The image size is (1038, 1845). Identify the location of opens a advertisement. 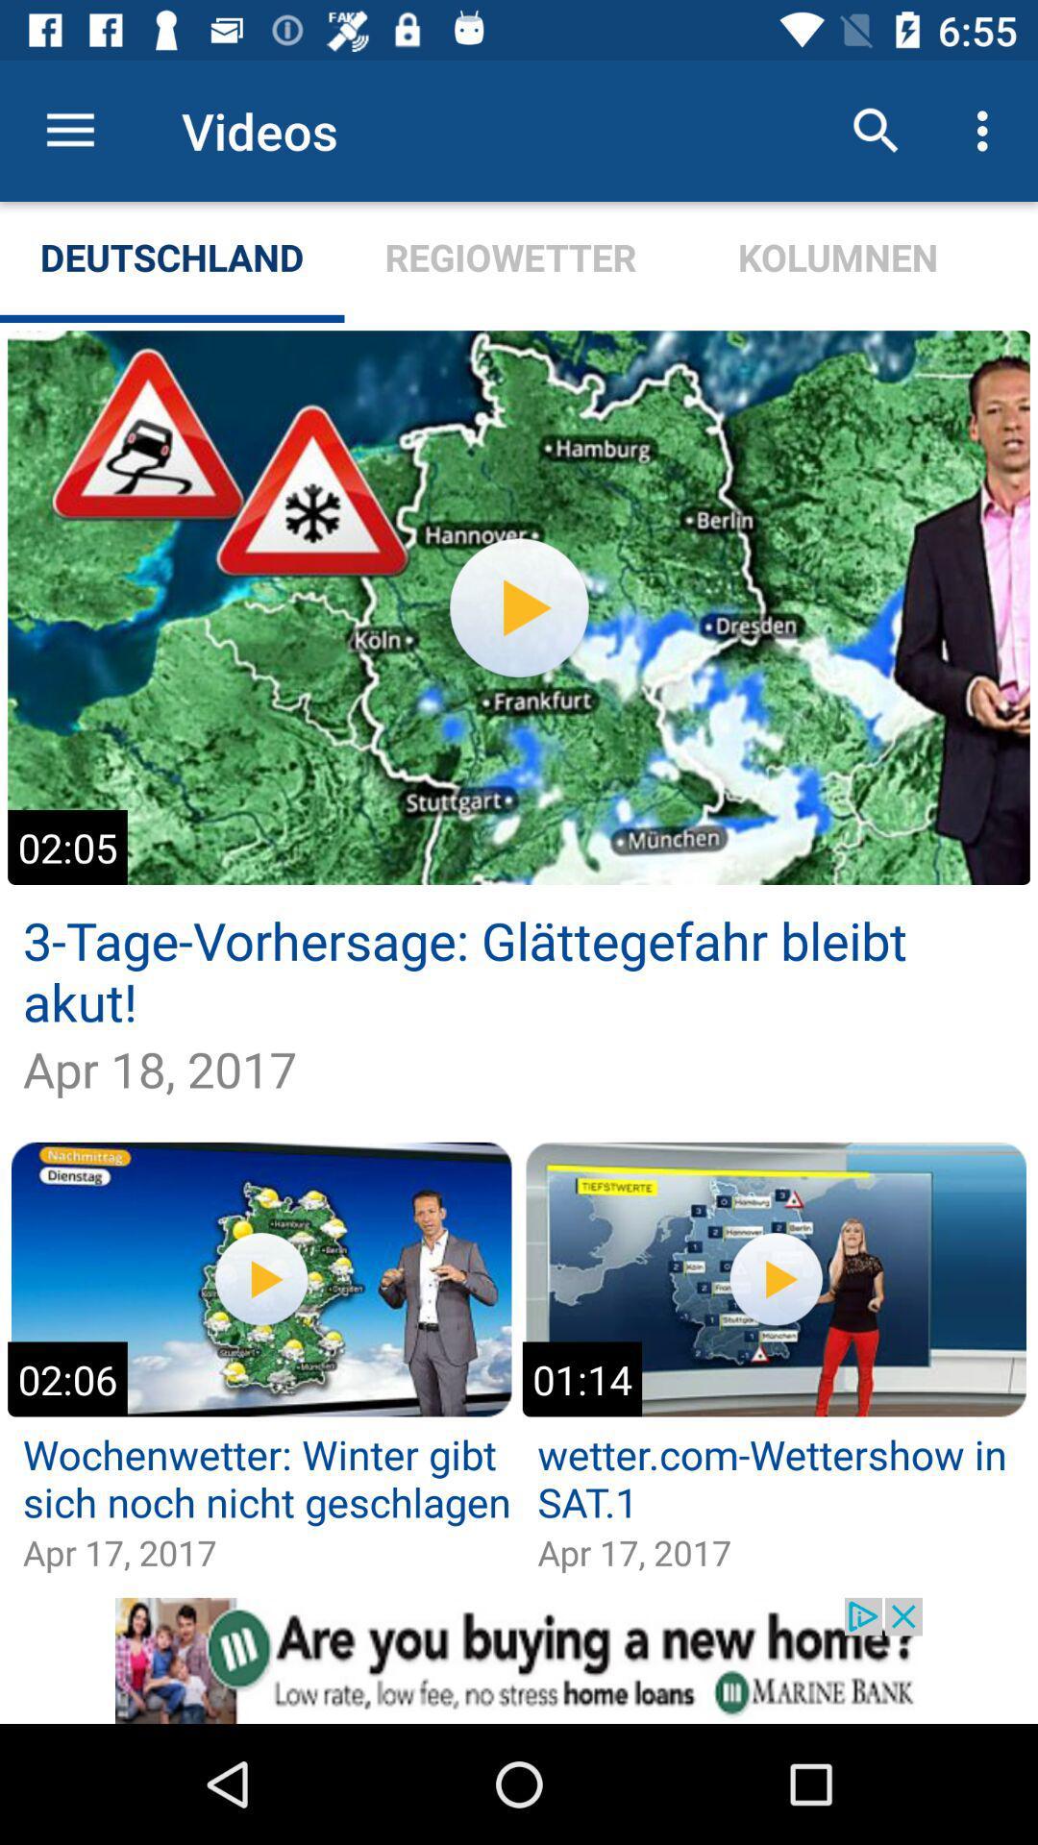
(519, 1660).